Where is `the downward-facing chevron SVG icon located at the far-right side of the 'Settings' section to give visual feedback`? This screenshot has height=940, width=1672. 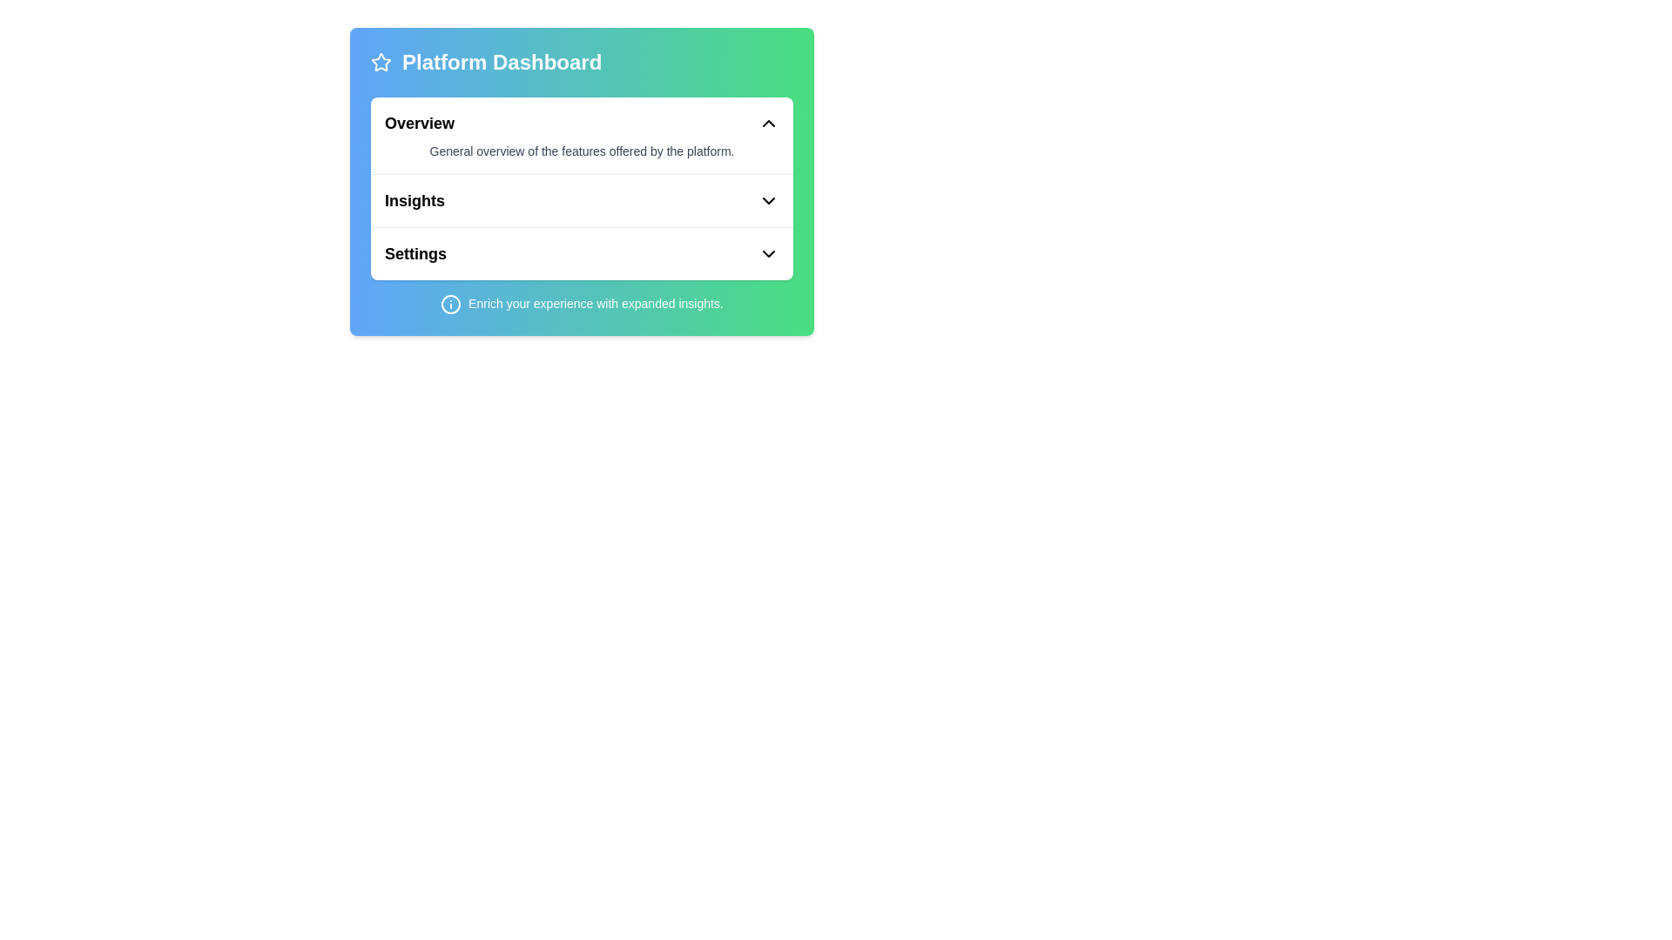 the downward-facing chevron SVG icon located at the far-right side of the 'Settings' section to give visual feedback is located at coordinates (768, 254).